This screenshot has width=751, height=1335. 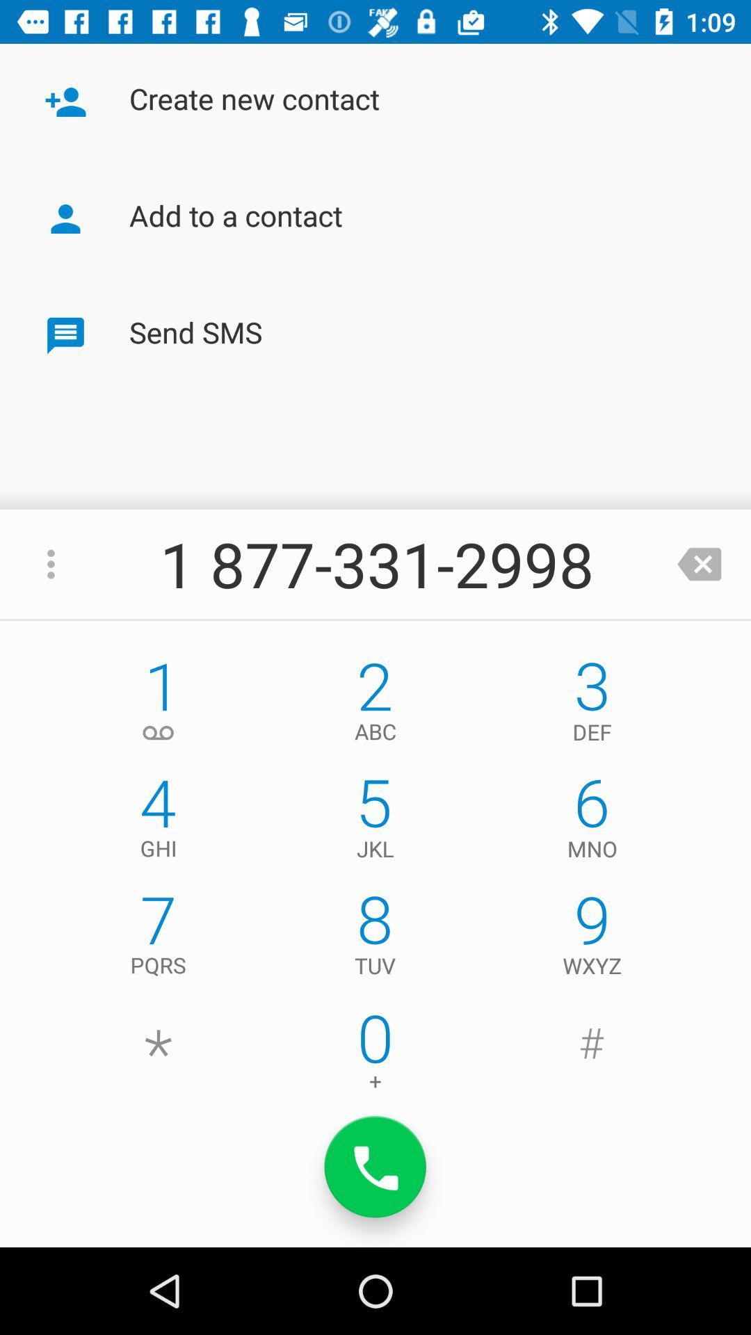 What do you see at coordinates (375, 1167) in the screenshot?
I see `the call icon` at bounding box center [375, 1167].